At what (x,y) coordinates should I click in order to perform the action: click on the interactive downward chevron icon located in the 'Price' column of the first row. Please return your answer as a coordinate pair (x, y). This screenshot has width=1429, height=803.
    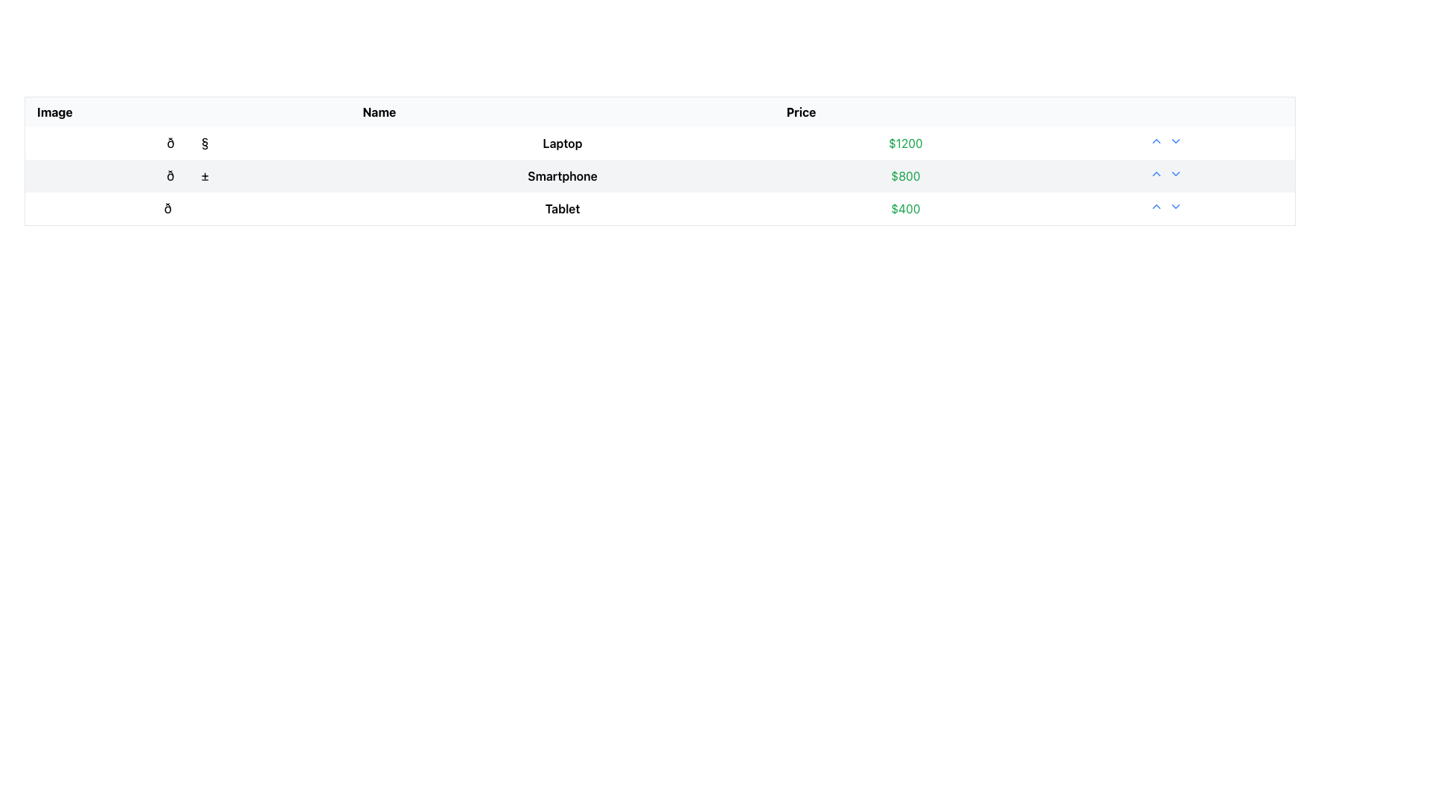
    Looking at the image, I should click on (1174, 141).